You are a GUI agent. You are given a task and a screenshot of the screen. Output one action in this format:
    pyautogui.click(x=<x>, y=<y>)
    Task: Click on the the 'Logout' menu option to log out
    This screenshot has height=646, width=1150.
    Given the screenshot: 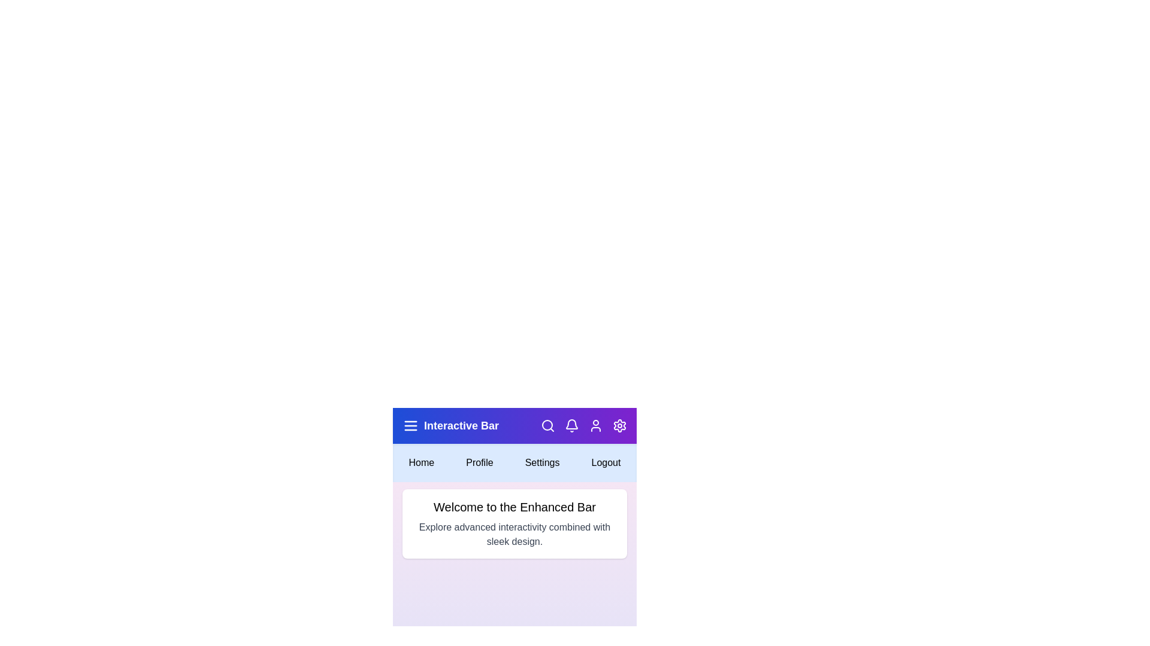 What is the action you would take?
    pyautogui.click(x=606, y=462)
    